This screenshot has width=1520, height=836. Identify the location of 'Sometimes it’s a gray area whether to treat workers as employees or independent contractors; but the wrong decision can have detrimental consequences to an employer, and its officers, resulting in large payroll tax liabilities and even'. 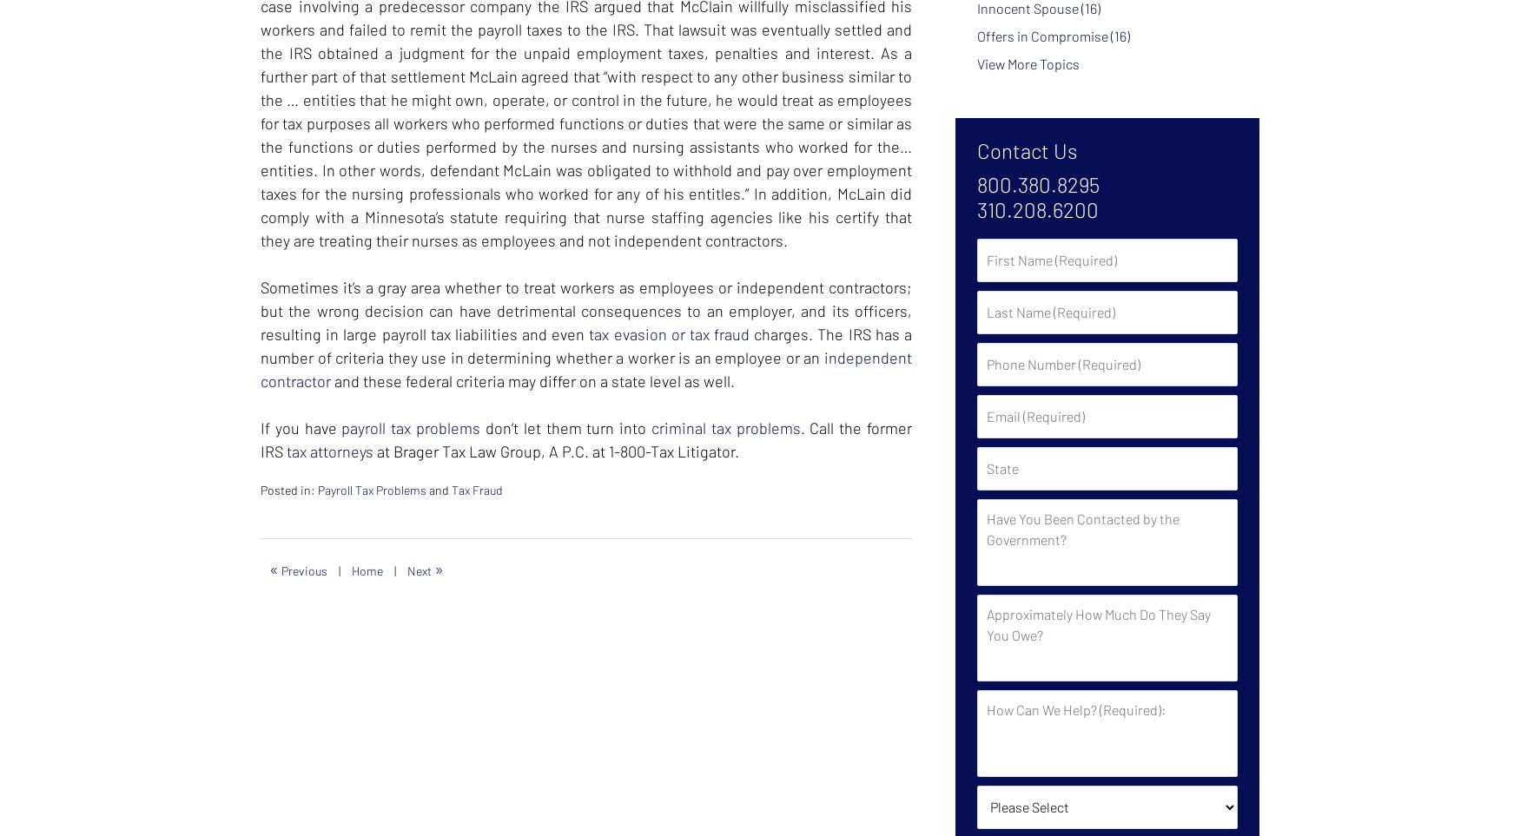
(585, 310).